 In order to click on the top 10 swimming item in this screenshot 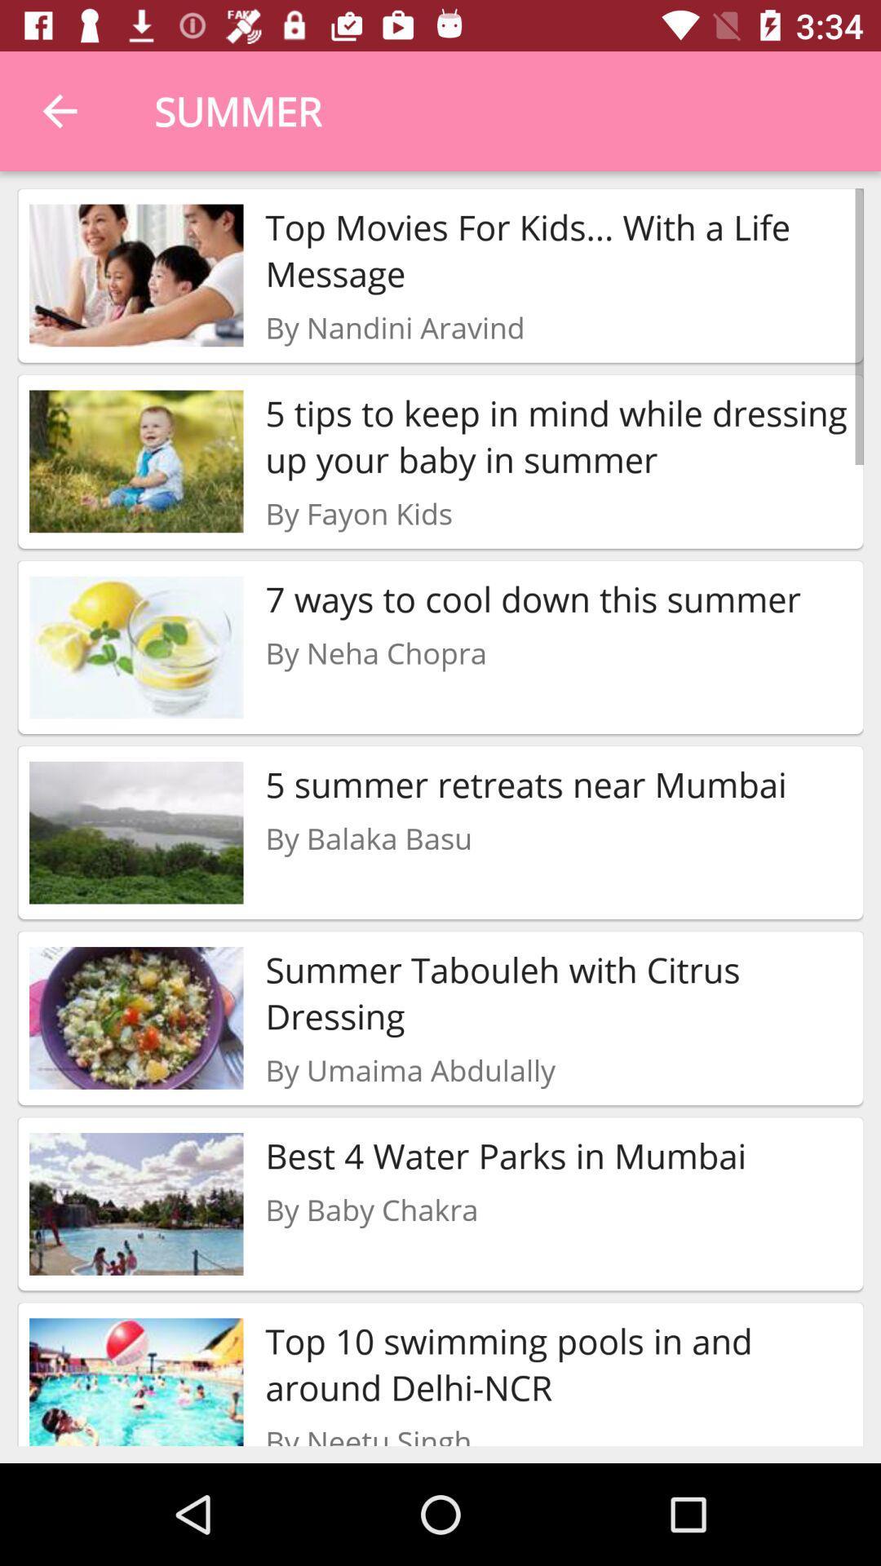, I will do `click(558, 1364)`.